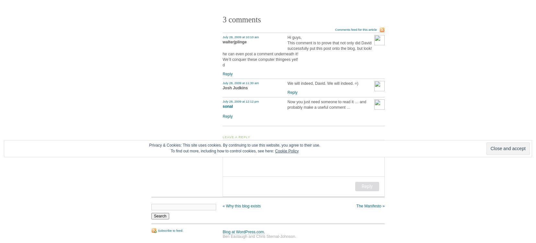 This screenshot has width=536, height=243. I want to click on 'To find out more, including how to control cookies, see here:', so click(223, 150).